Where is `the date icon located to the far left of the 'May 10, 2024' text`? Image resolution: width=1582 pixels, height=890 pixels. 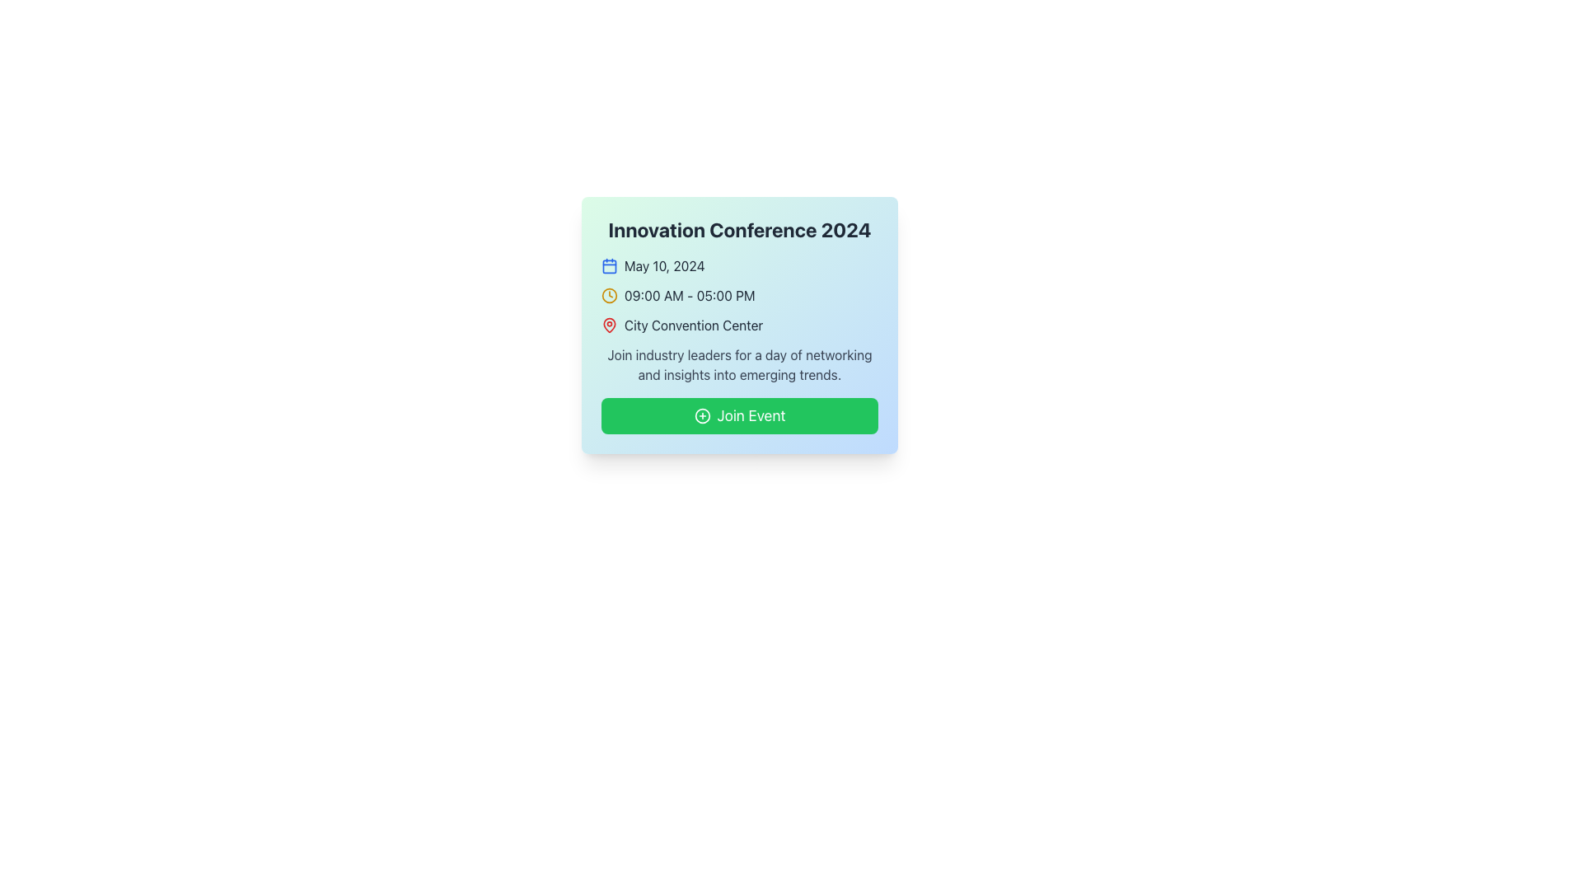
the date icon located to the far left of the 'May 10, 2024' text is located at coordinates (608, 265).